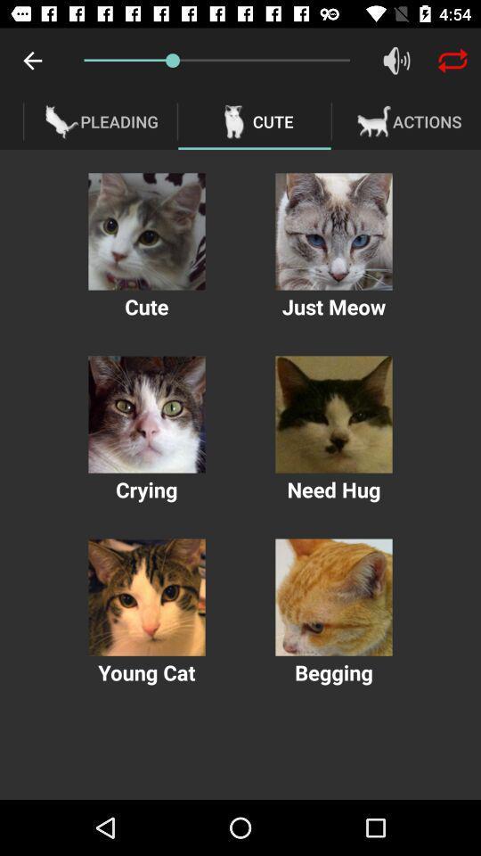 This screenshot has width=481, height=856. What do you see at coordinates (396, 61) in the screenshot?
I see `item above the actions icon` at bounding box center [396, 61].